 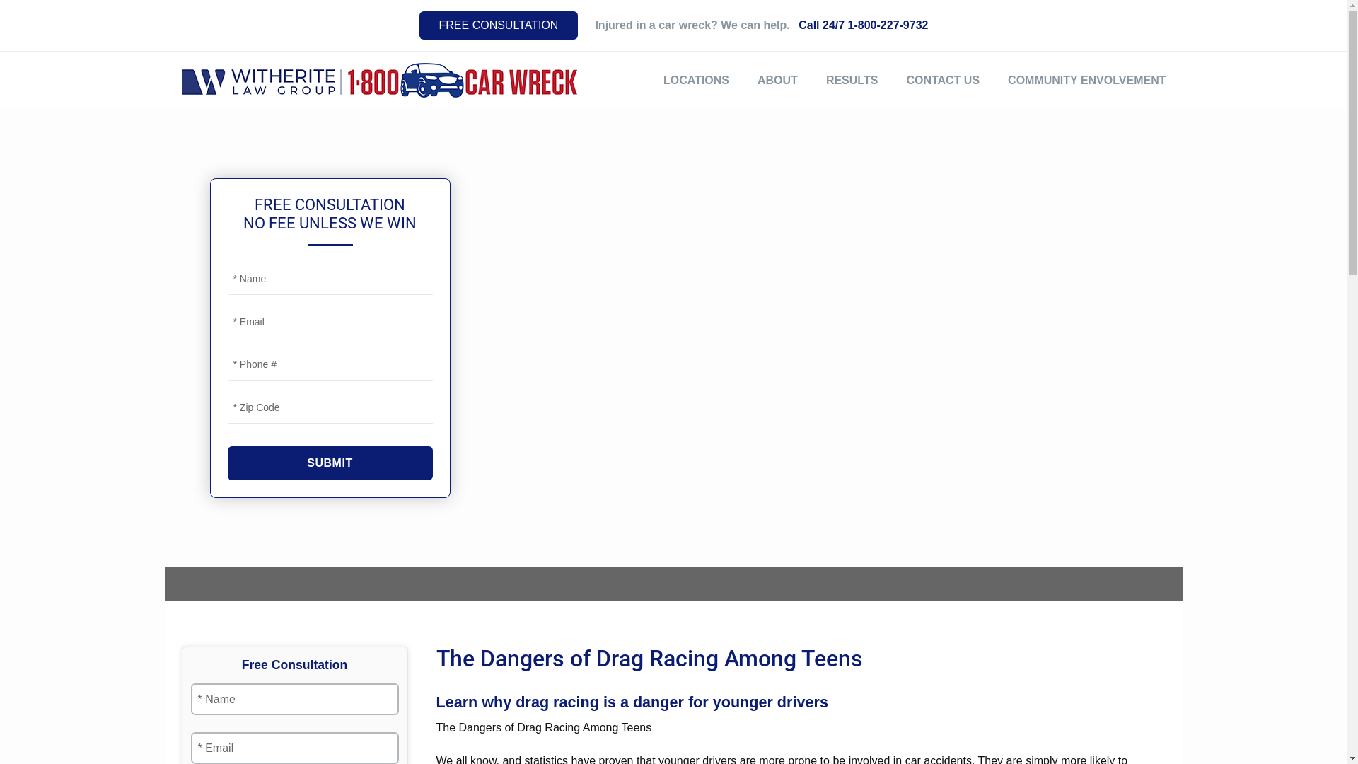 What do you see at coordinates (943, 81) in the screenshot?
I see `'CONTACT US'` at bounding box center [943, 81].